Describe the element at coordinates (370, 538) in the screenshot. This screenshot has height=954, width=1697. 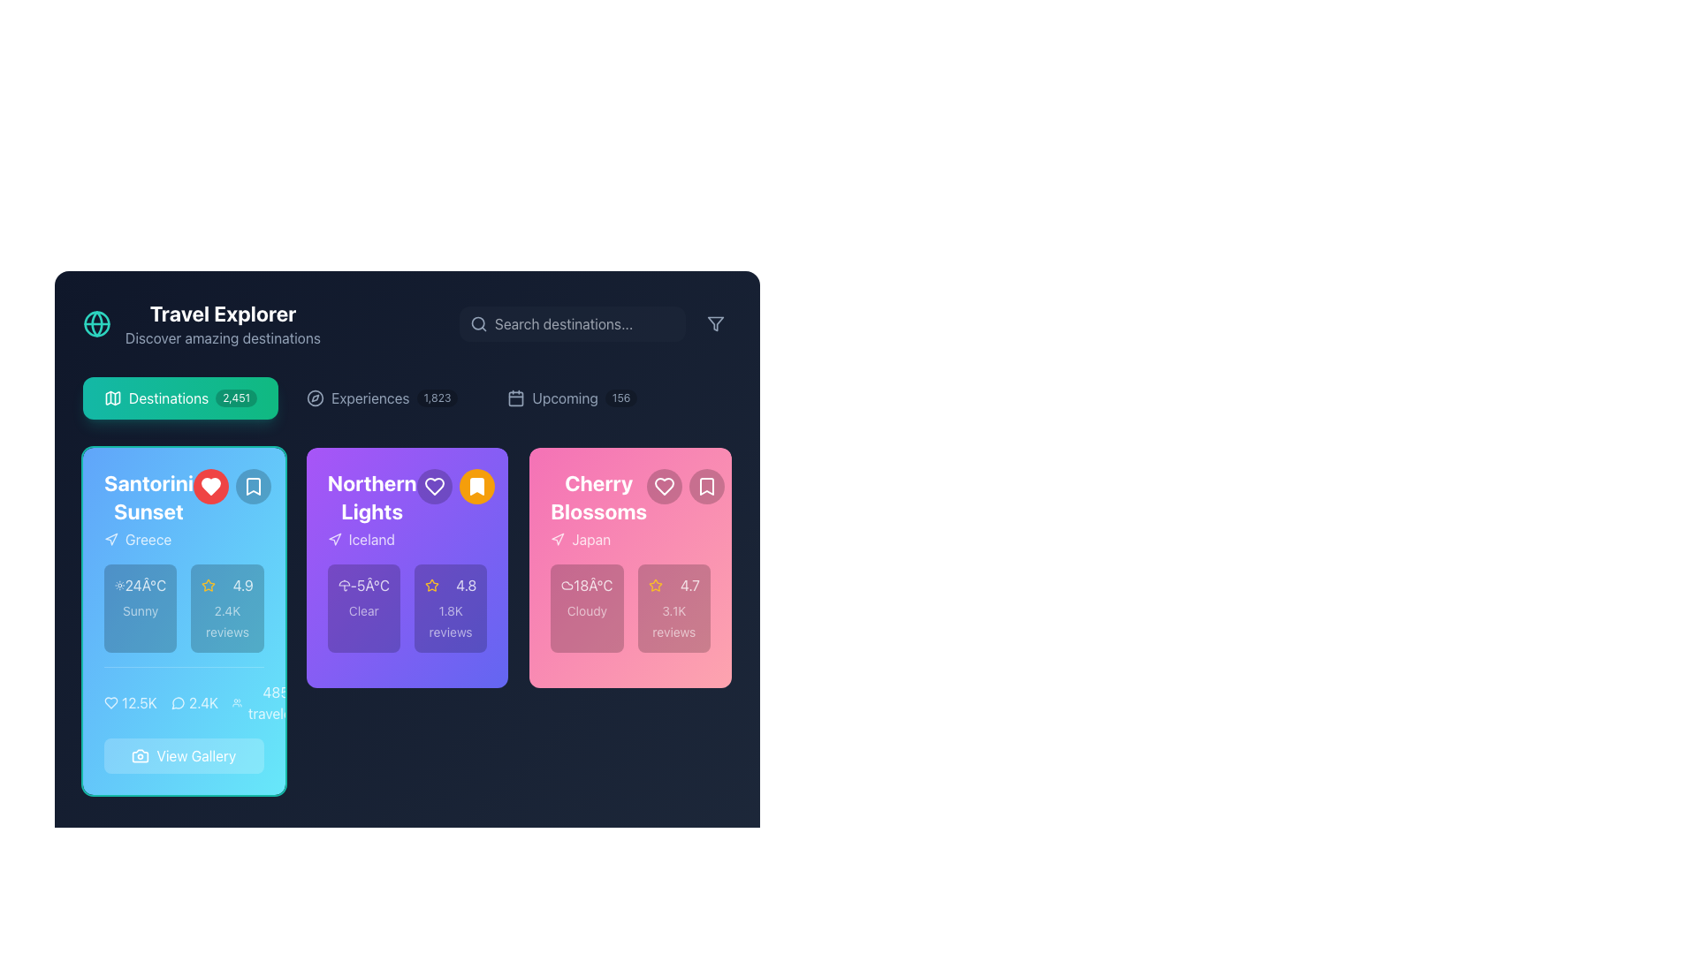
I see `the text label displaying 'Iceland', which is styled in white color with slight opacity and located inside the purple 'Northern Lights' card, positioned near the bottom left corner beneath the card title` at that location.